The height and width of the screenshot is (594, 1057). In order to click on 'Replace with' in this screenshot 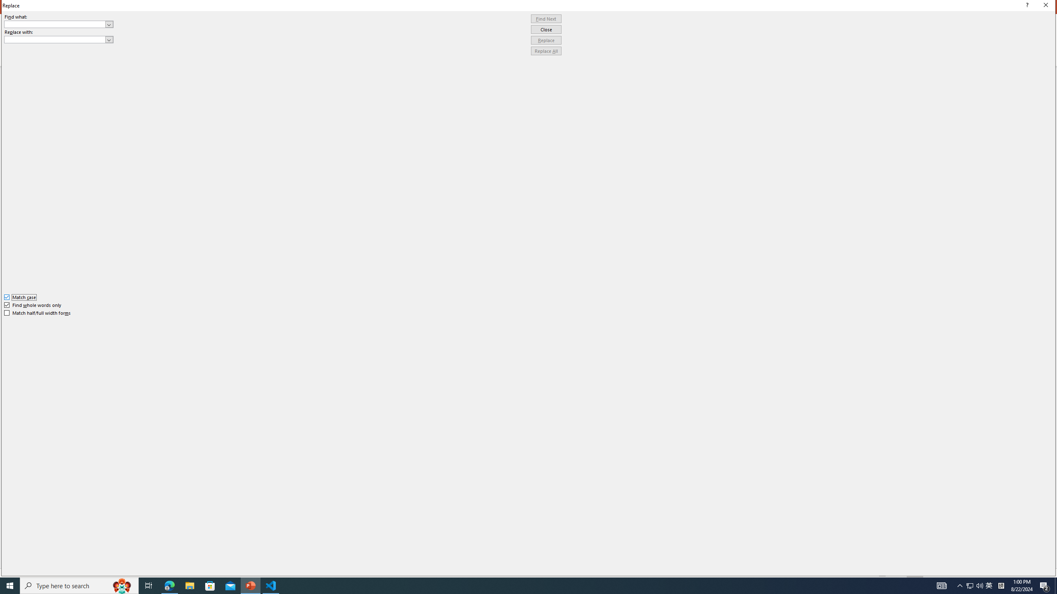, I will do `click(55, 39)`.